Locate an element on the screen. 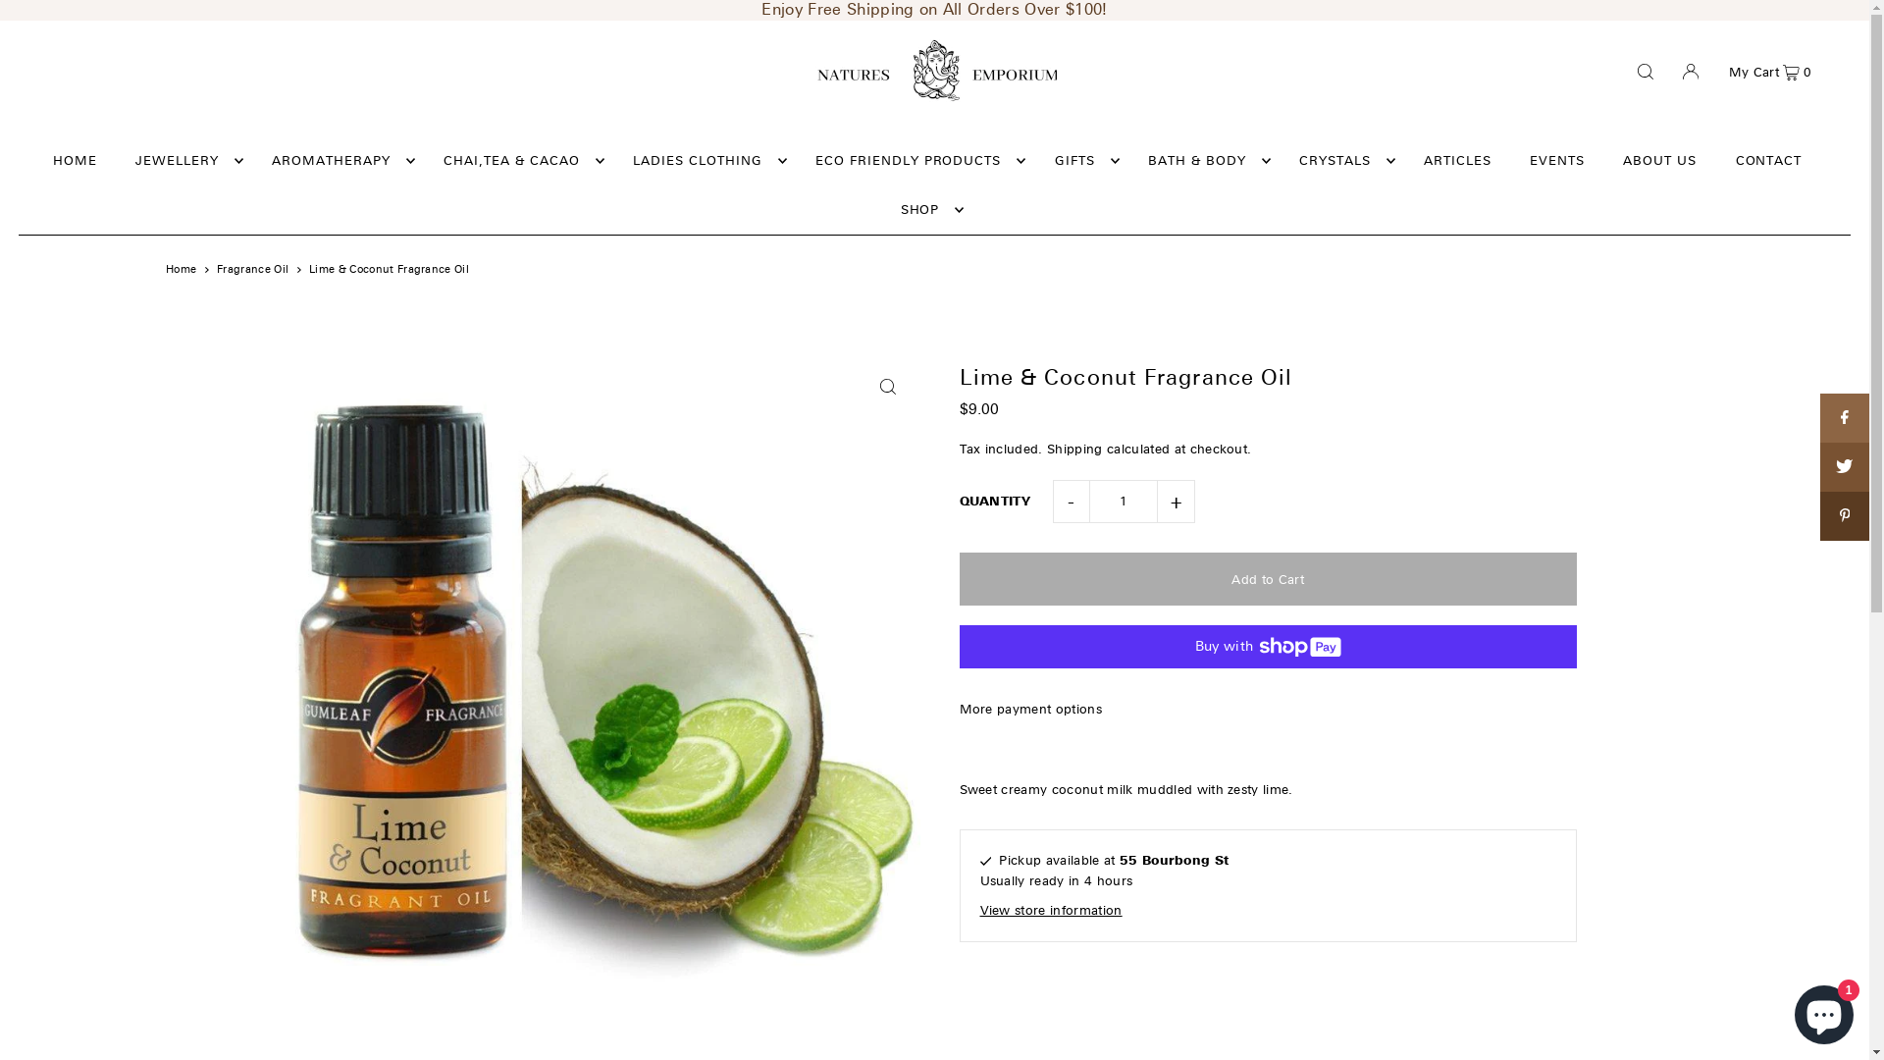 This screenshot has height=1060, width=1884. 'ARTICLES' is located at coordinates (1457, 160).